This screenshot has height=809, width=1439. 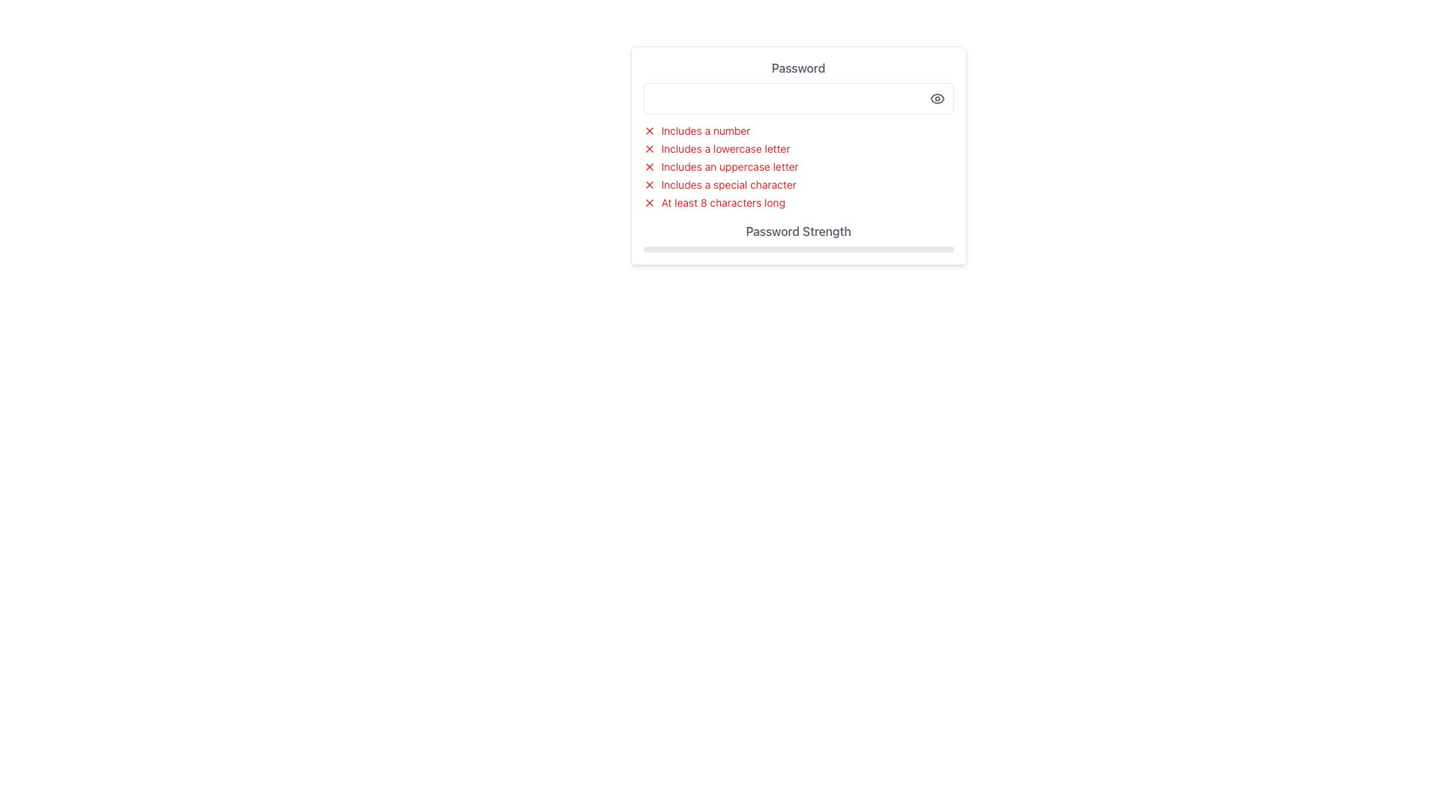 I want to click on the informative list of password requirements that is located directly below the 'Password' input field and above the 'Password Strength' indicator, so click(x=797, y=167).